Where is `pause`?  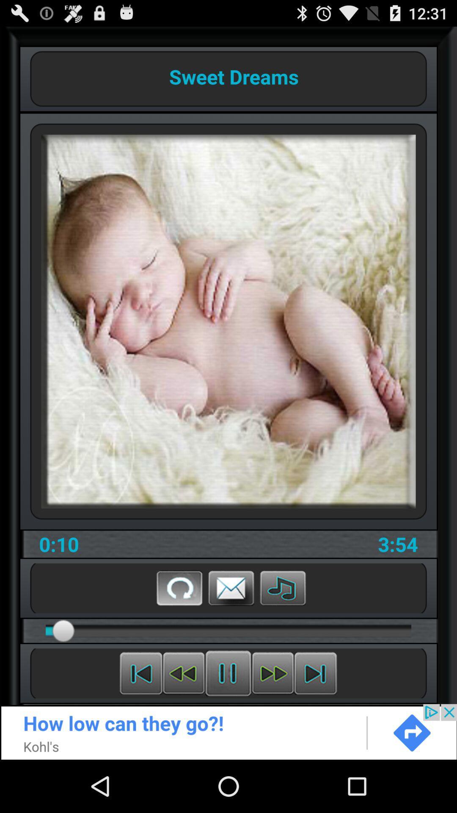
pause is located at coordinates (228, 673).